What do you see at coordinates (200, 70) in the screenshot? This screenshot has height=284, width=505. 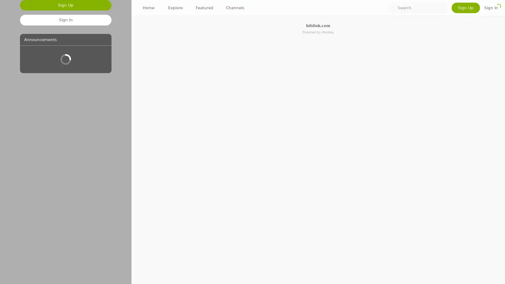 I see `+` at bounding box center [200, 70].